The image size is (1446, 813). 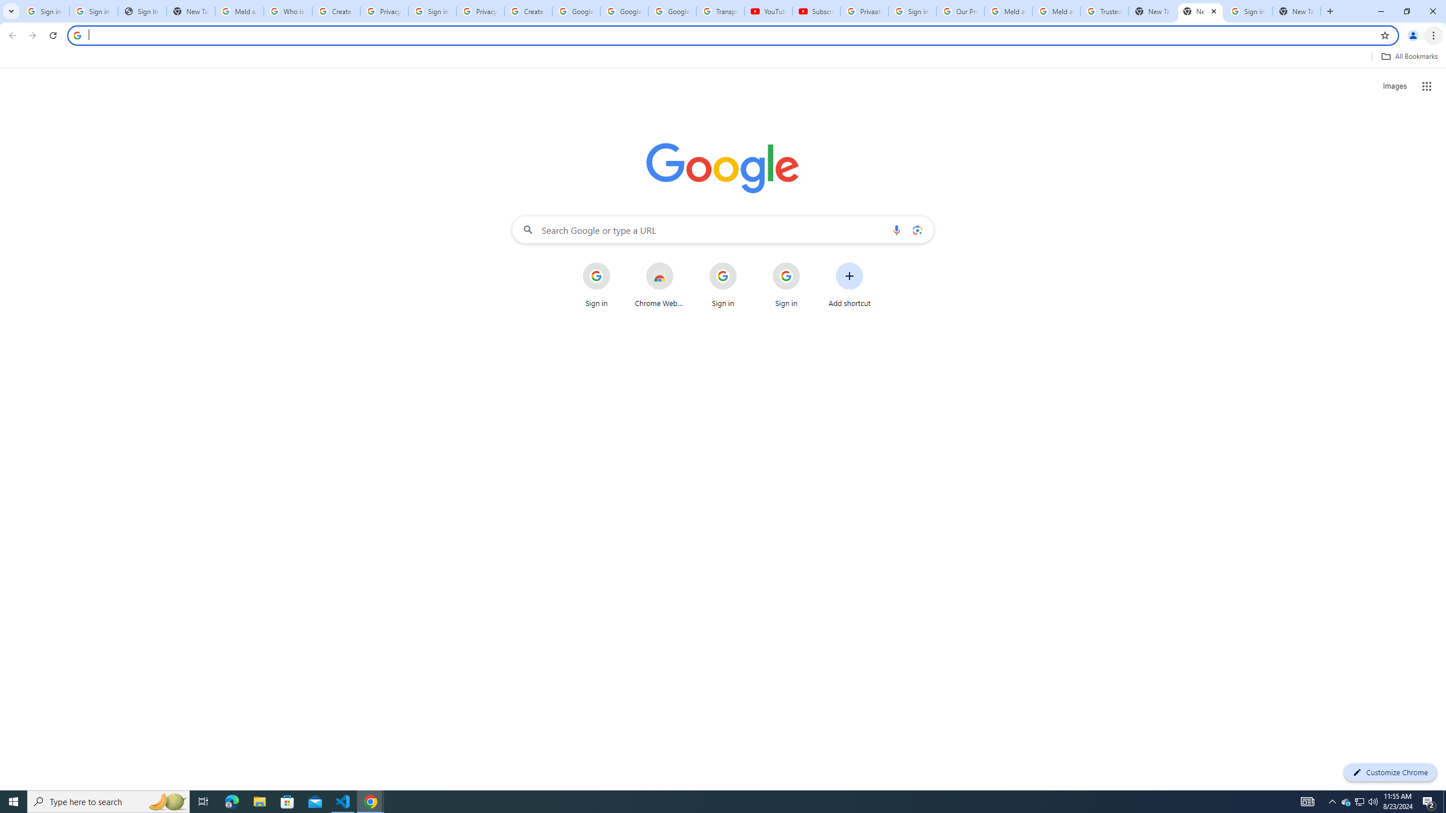 What do you see at coordinates (1384, 34) in the screenshot?
I see `'Bookmark this tab'` at bounding box center [1384, 34].